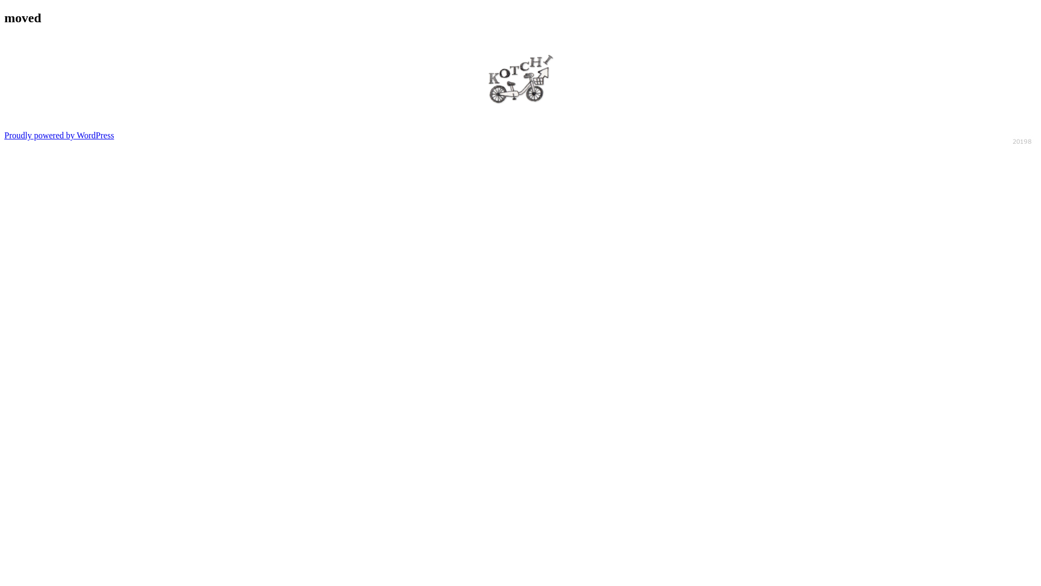 Image resolution: width=1041 pixels, height=586 pixels. I want to click on 'Proudly powered by WordPress', so click(59, 135).